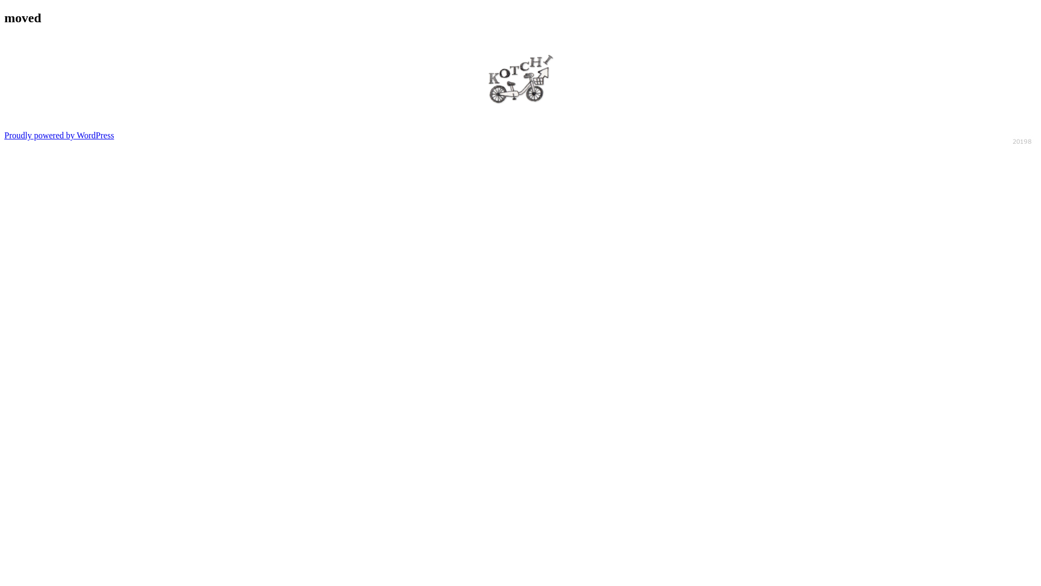 Image resolution: width=1041 pixels, height=586 pixels. I want to click on 'Proudly powered by WordPress', so click(59, 135).